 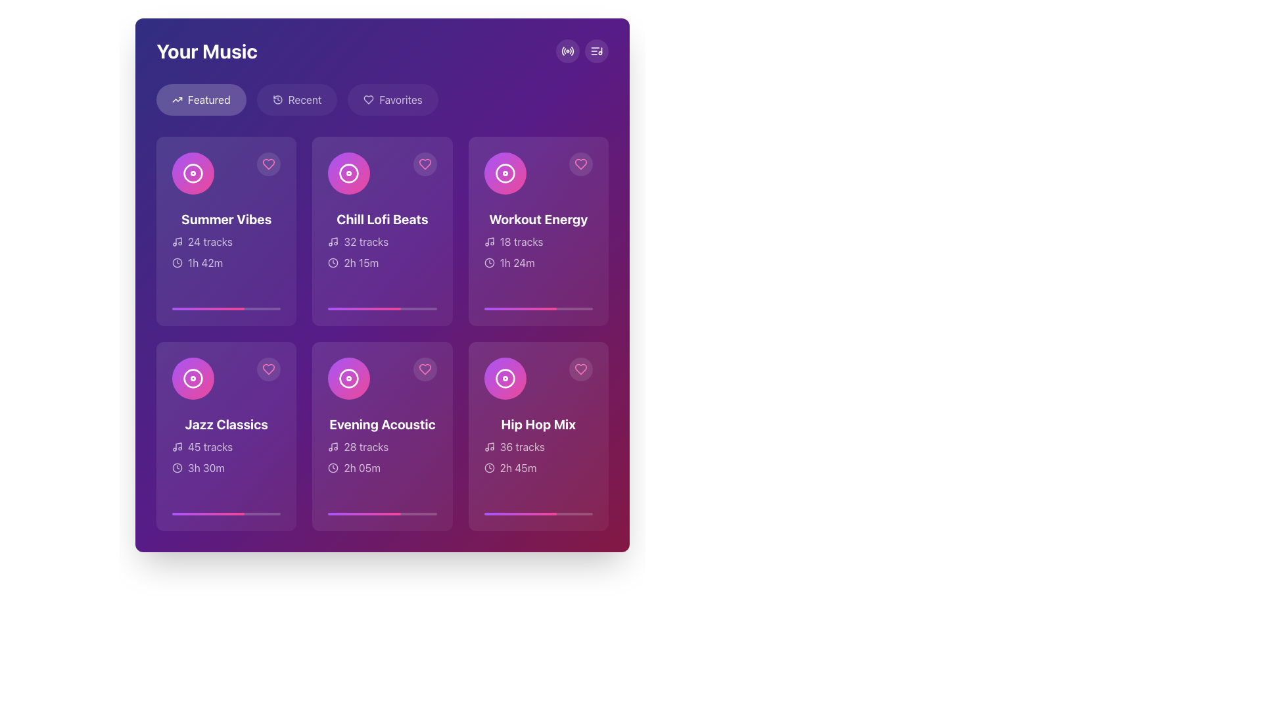 I want to click on the text label that displays the title of a music playlist located under the heading 'Your Music', positioned directly below a circular icon in the second column of the first row of a grid layout, so click(x=381, y=219).